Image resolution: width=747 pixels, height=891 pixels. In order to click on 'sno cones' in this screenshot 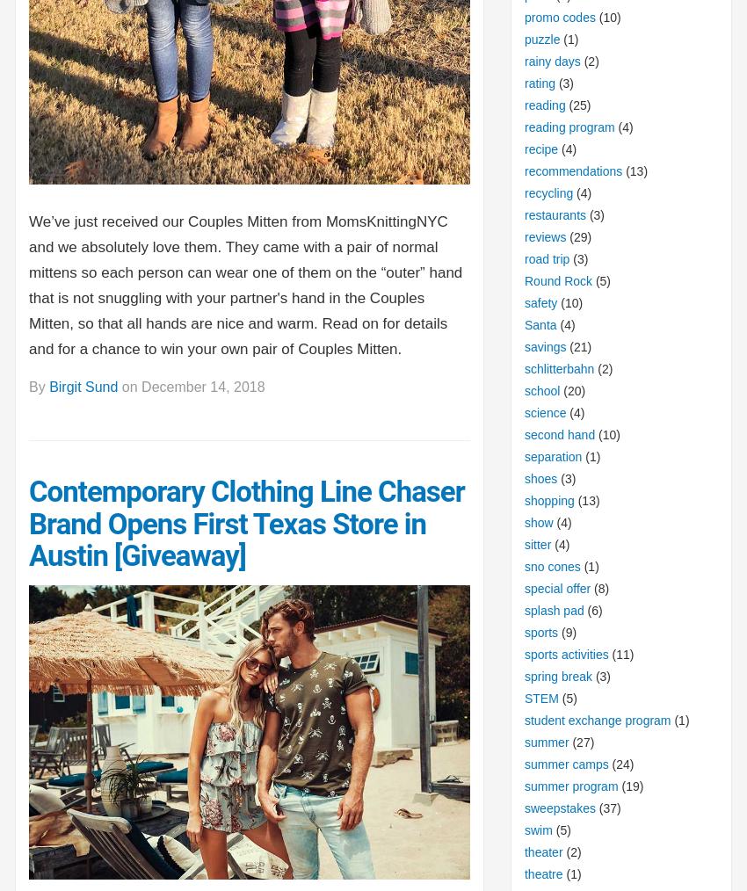, I will do `click(550, 565)`.